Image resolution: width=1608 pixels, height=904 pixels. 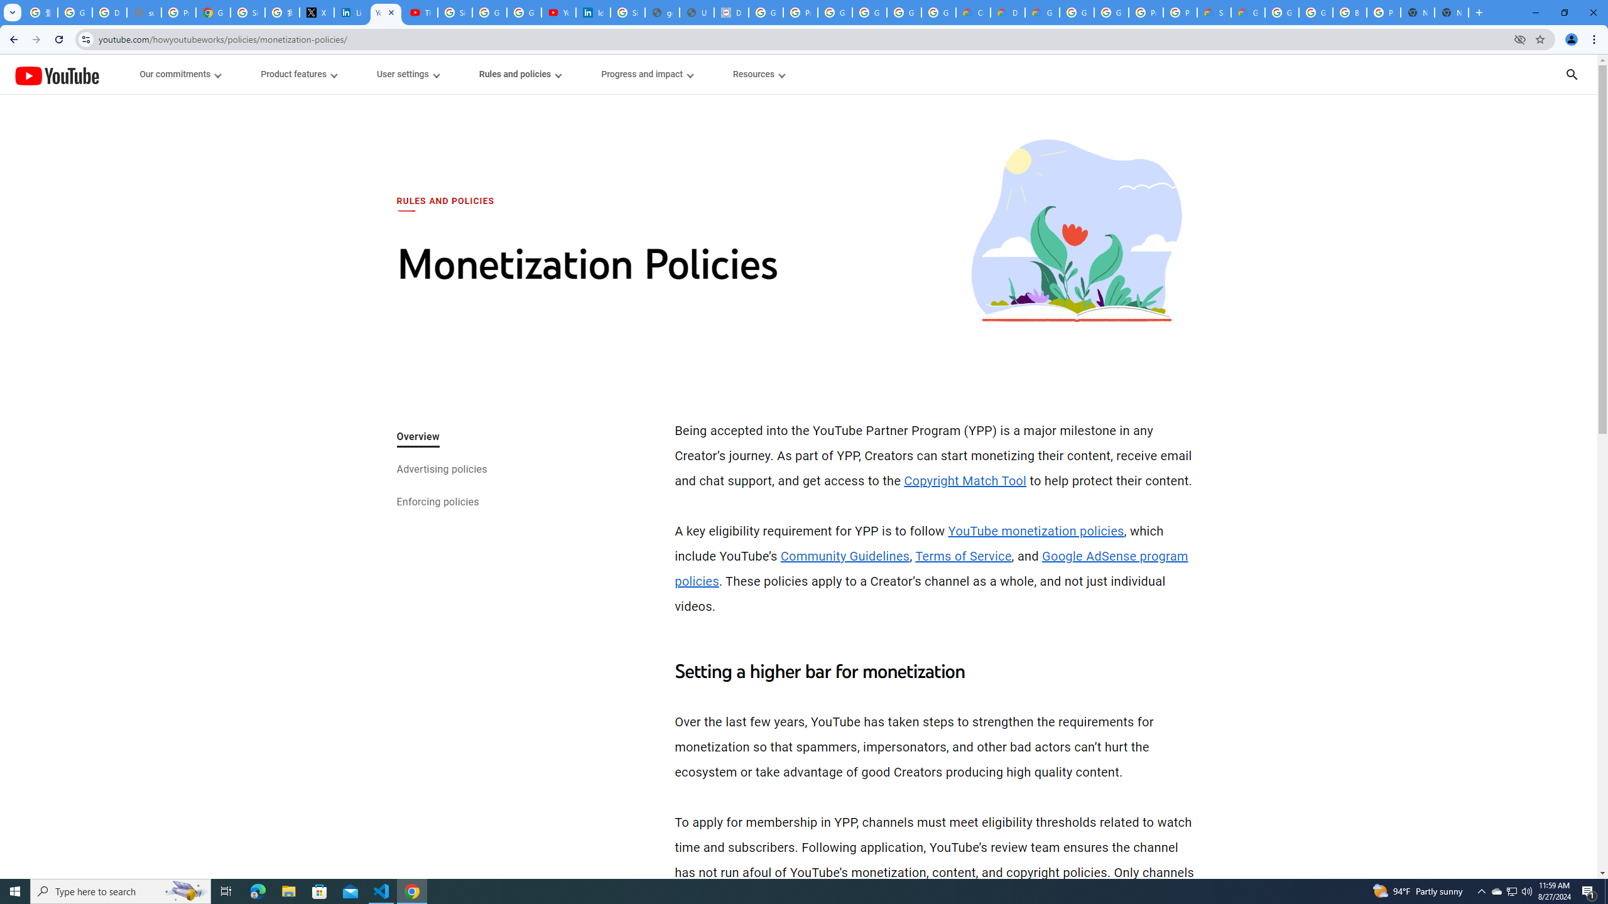 I want to click on 'Product features menupopup', so click(x=297, y=74).